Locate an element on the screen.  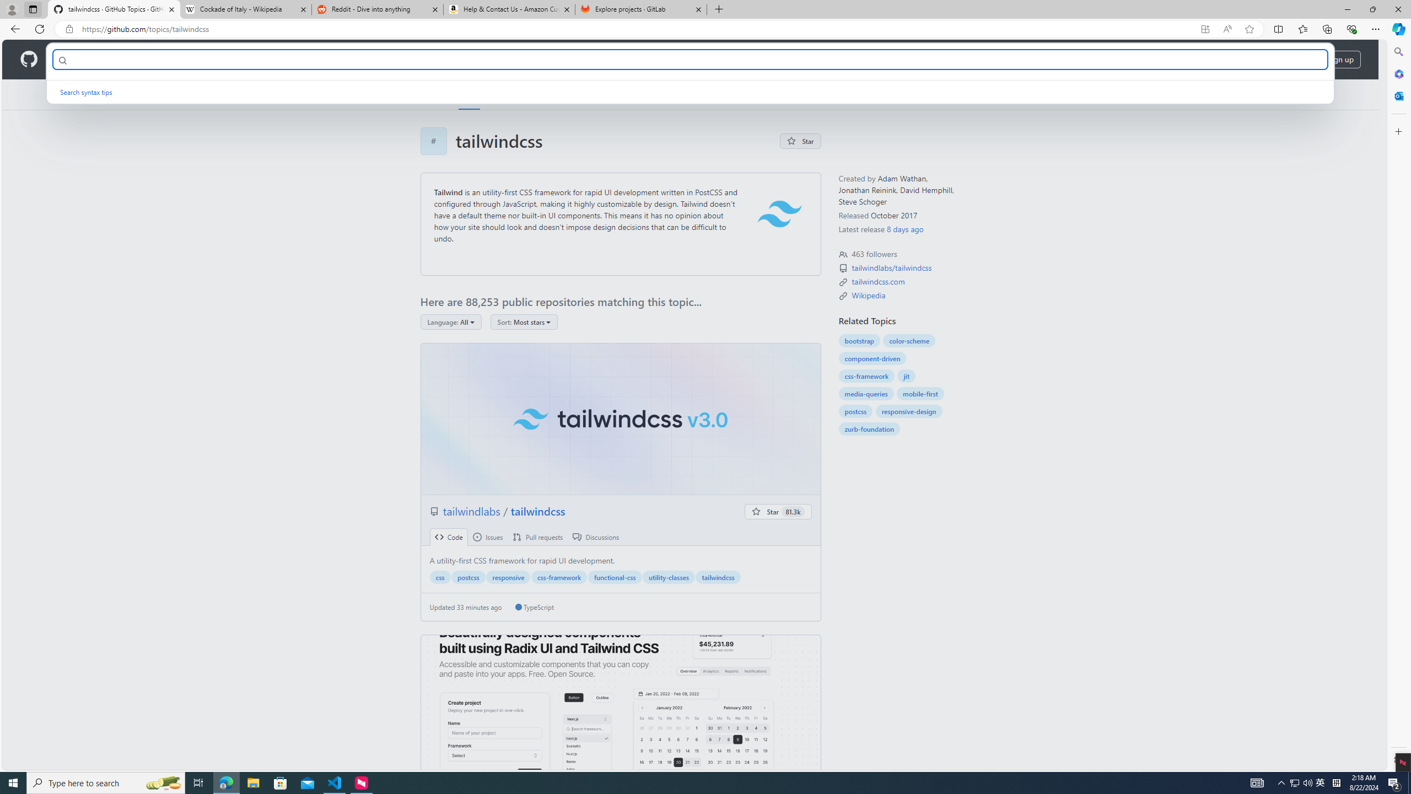
'en.wikipedia.org/wiki/Tailwind_CSS' is located at coordinates (868, 295).